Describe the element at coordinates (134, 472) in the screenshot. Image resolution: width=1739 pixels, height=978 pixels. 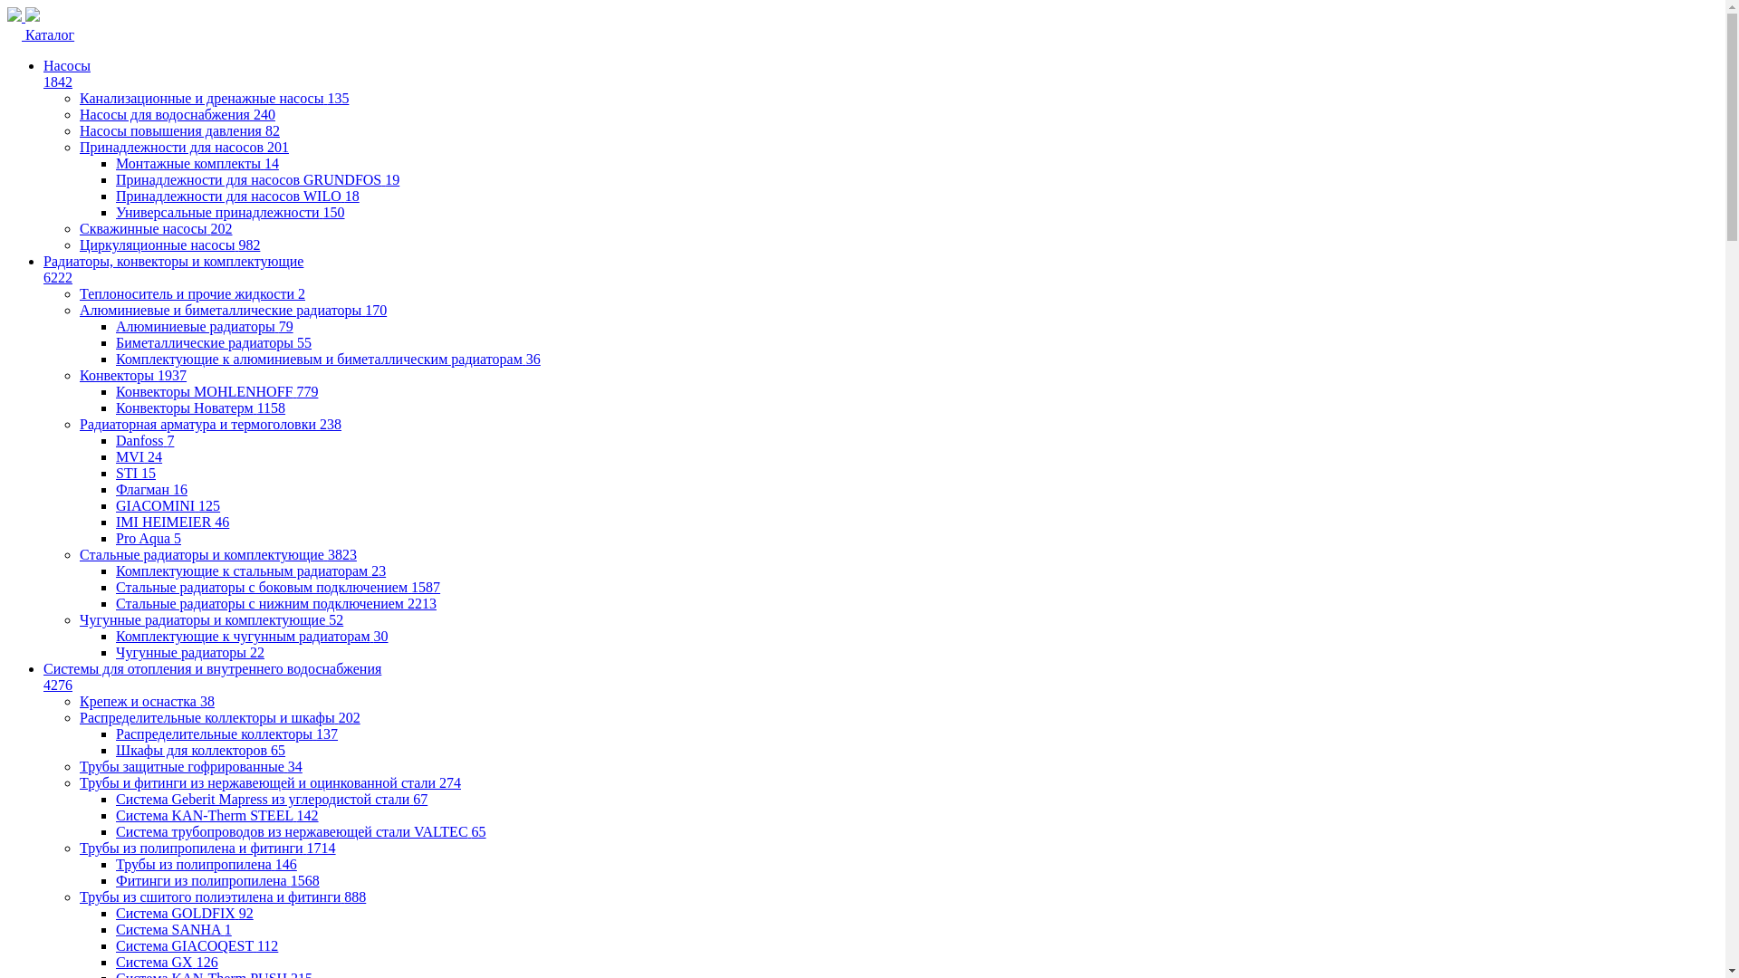
I see `'STI 15'` at that location.